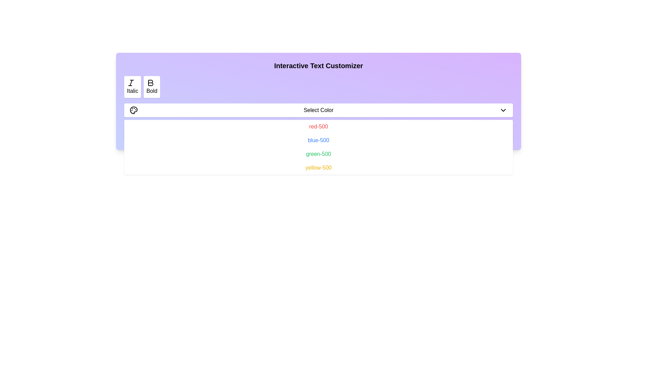 The height and width of the screenshot is (370, 657). Describe the element at coordinates (150, 83) in the screenshot. I see `the bold icon within the 'Bold' button to apply bold formatting to the text in the application` at that location.